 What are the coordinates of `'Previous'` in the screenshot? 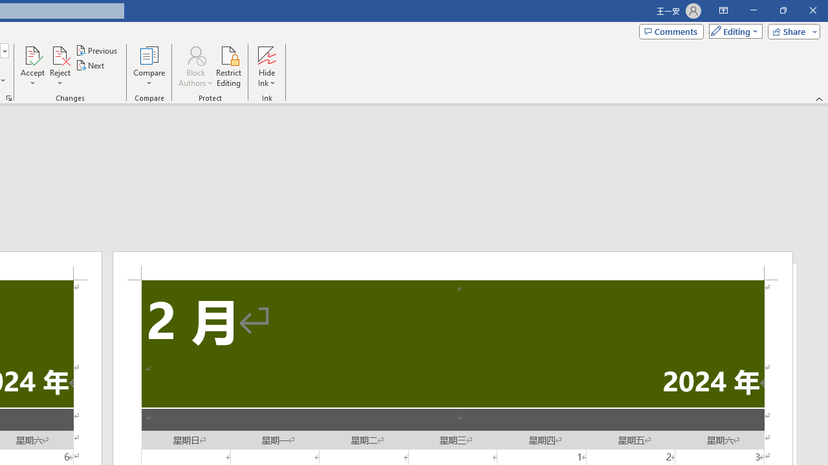 It's located at (97, 50).